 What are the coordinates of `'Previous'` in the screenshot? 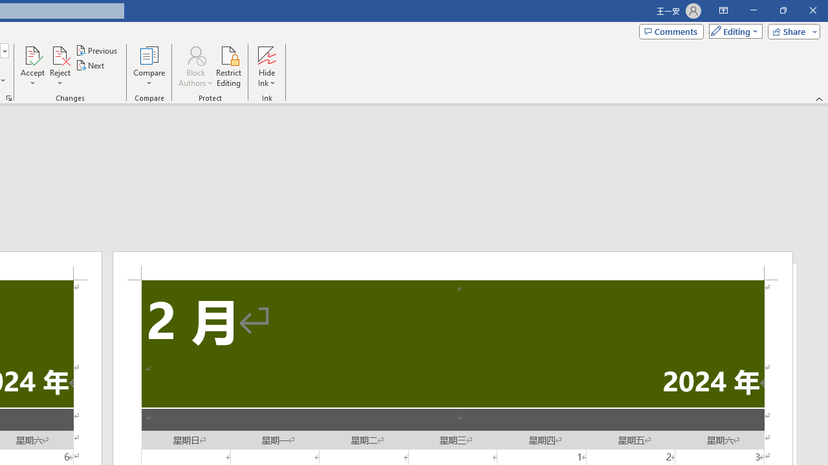 It's located at (97, 50).